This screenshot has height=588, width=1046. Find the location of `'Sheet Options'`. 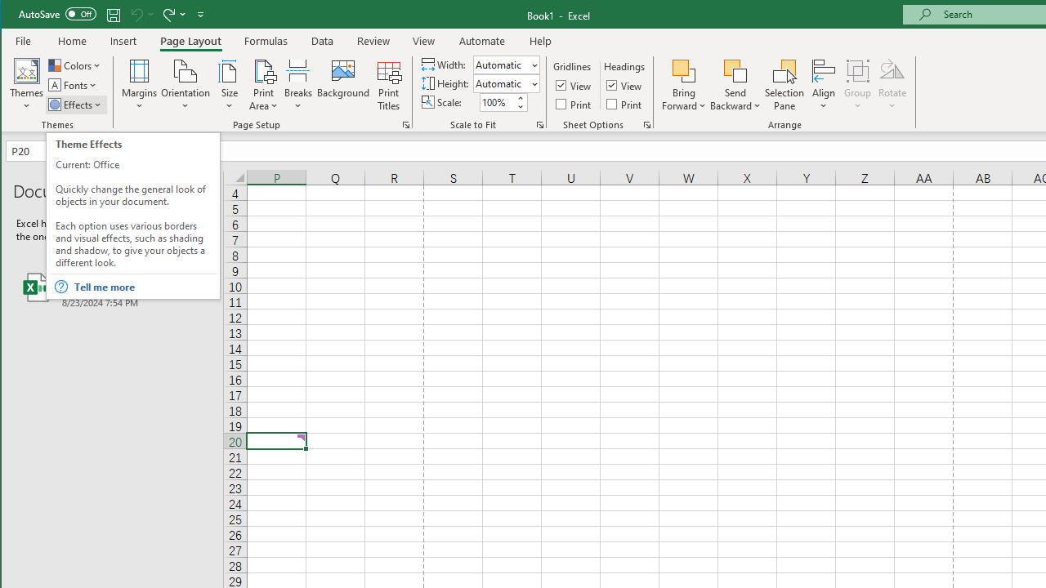

'Sheet Options' is located at coordinates (646, 124).